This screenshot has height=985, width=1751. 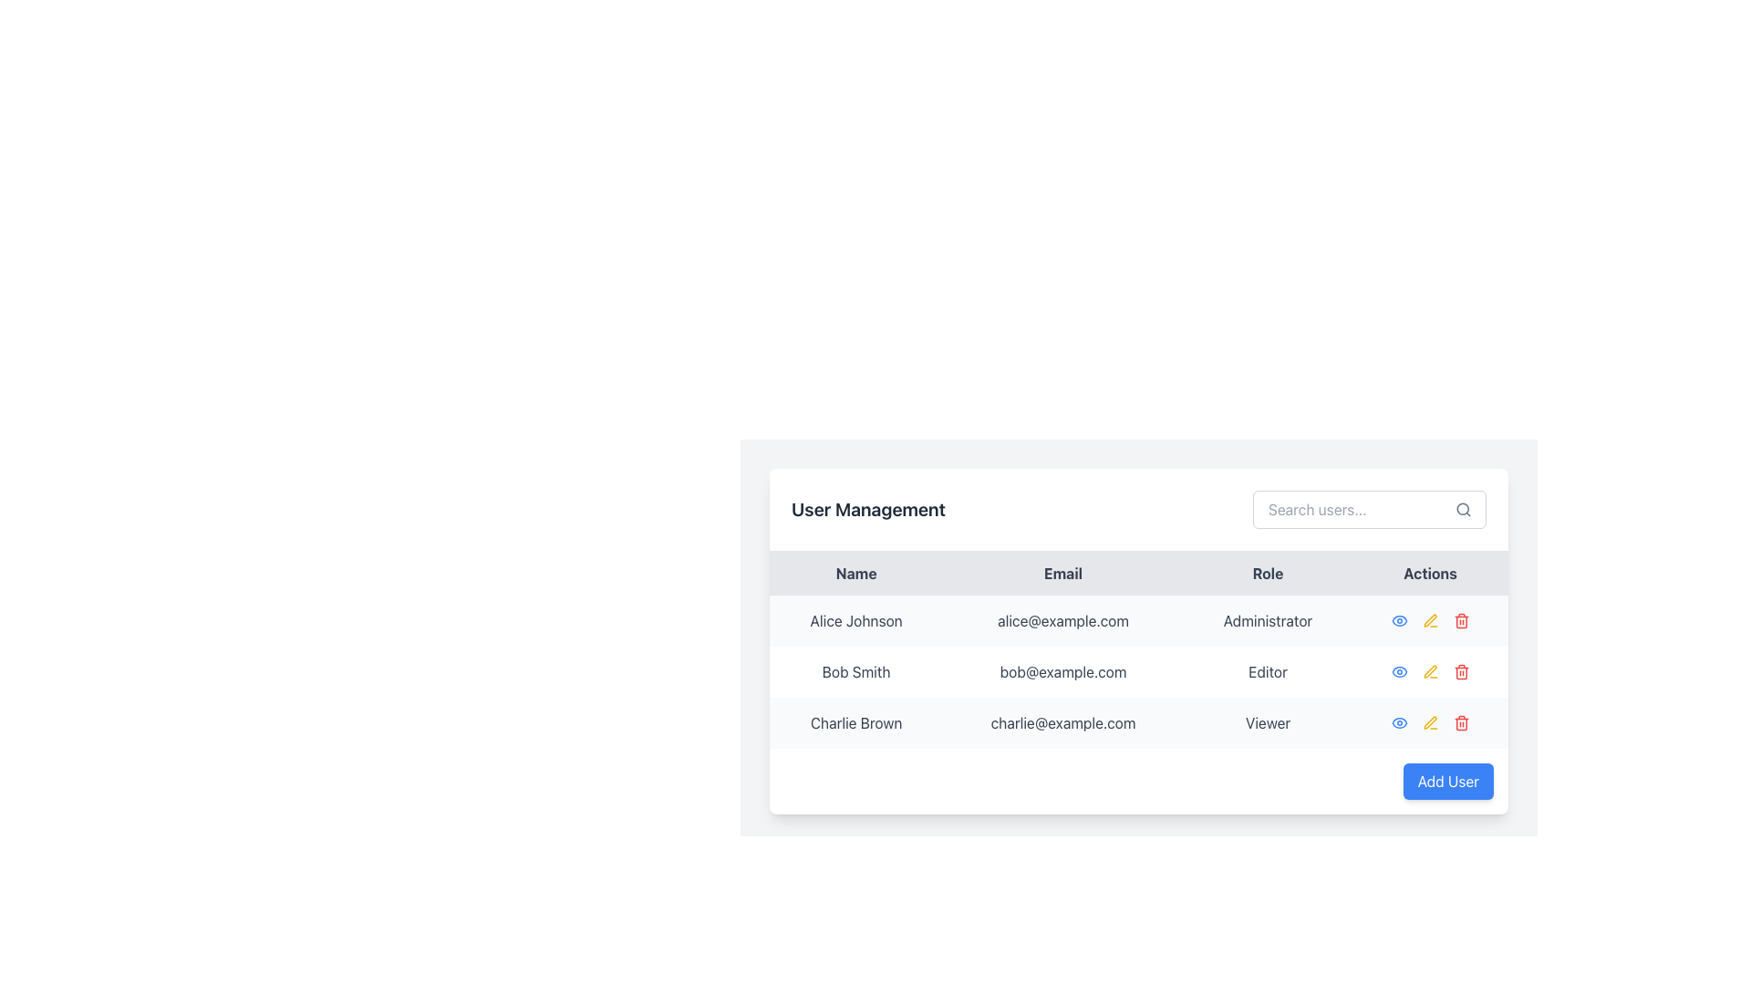 I want to click on the edit button for the user 'Alice Johnson', so click(x=1429, y=620).